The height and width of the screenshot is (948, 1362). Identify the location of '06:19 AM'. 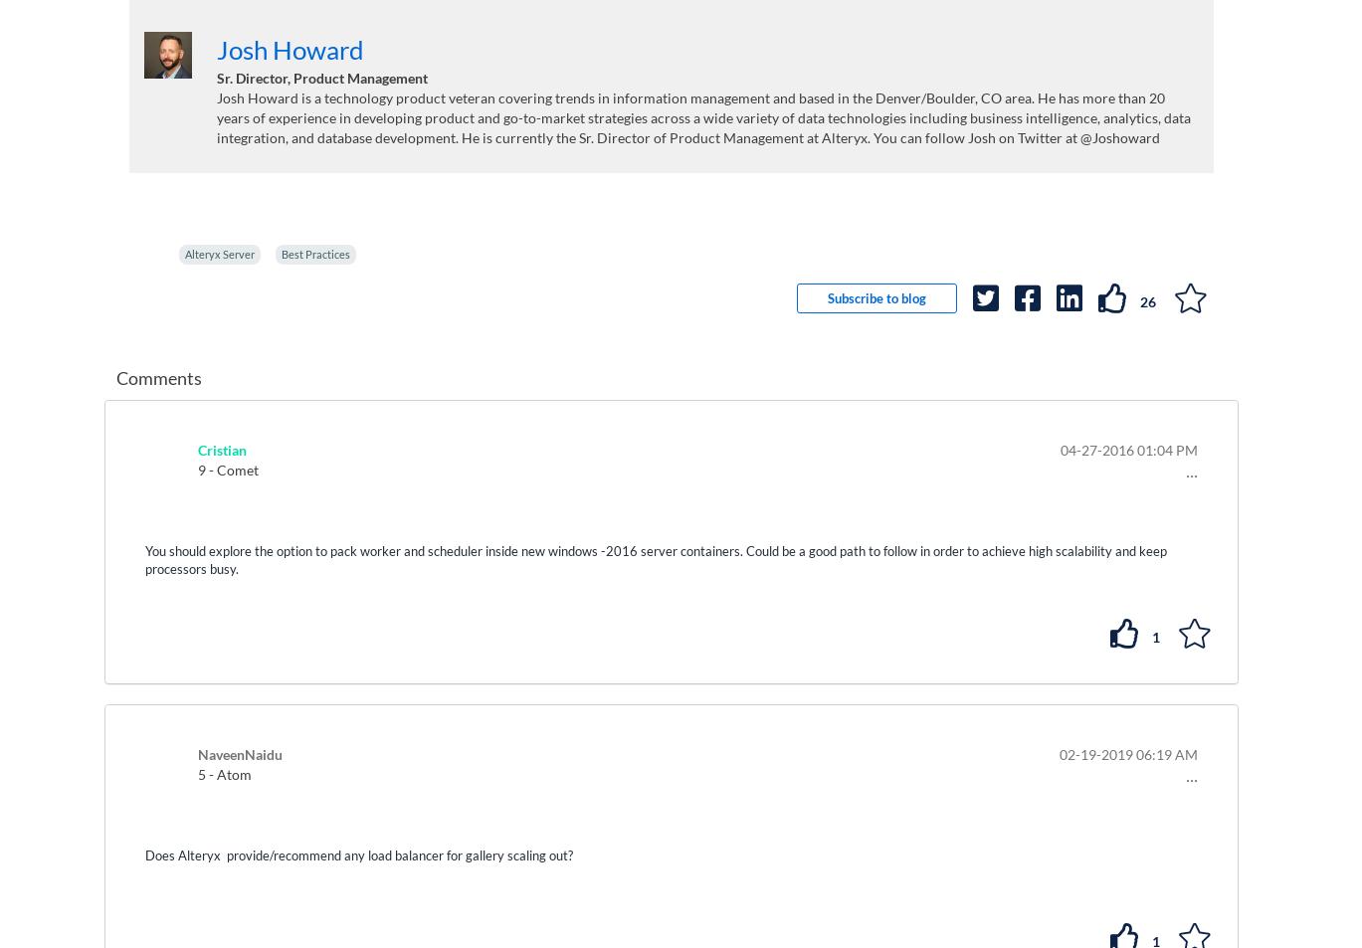
(1165, 753).